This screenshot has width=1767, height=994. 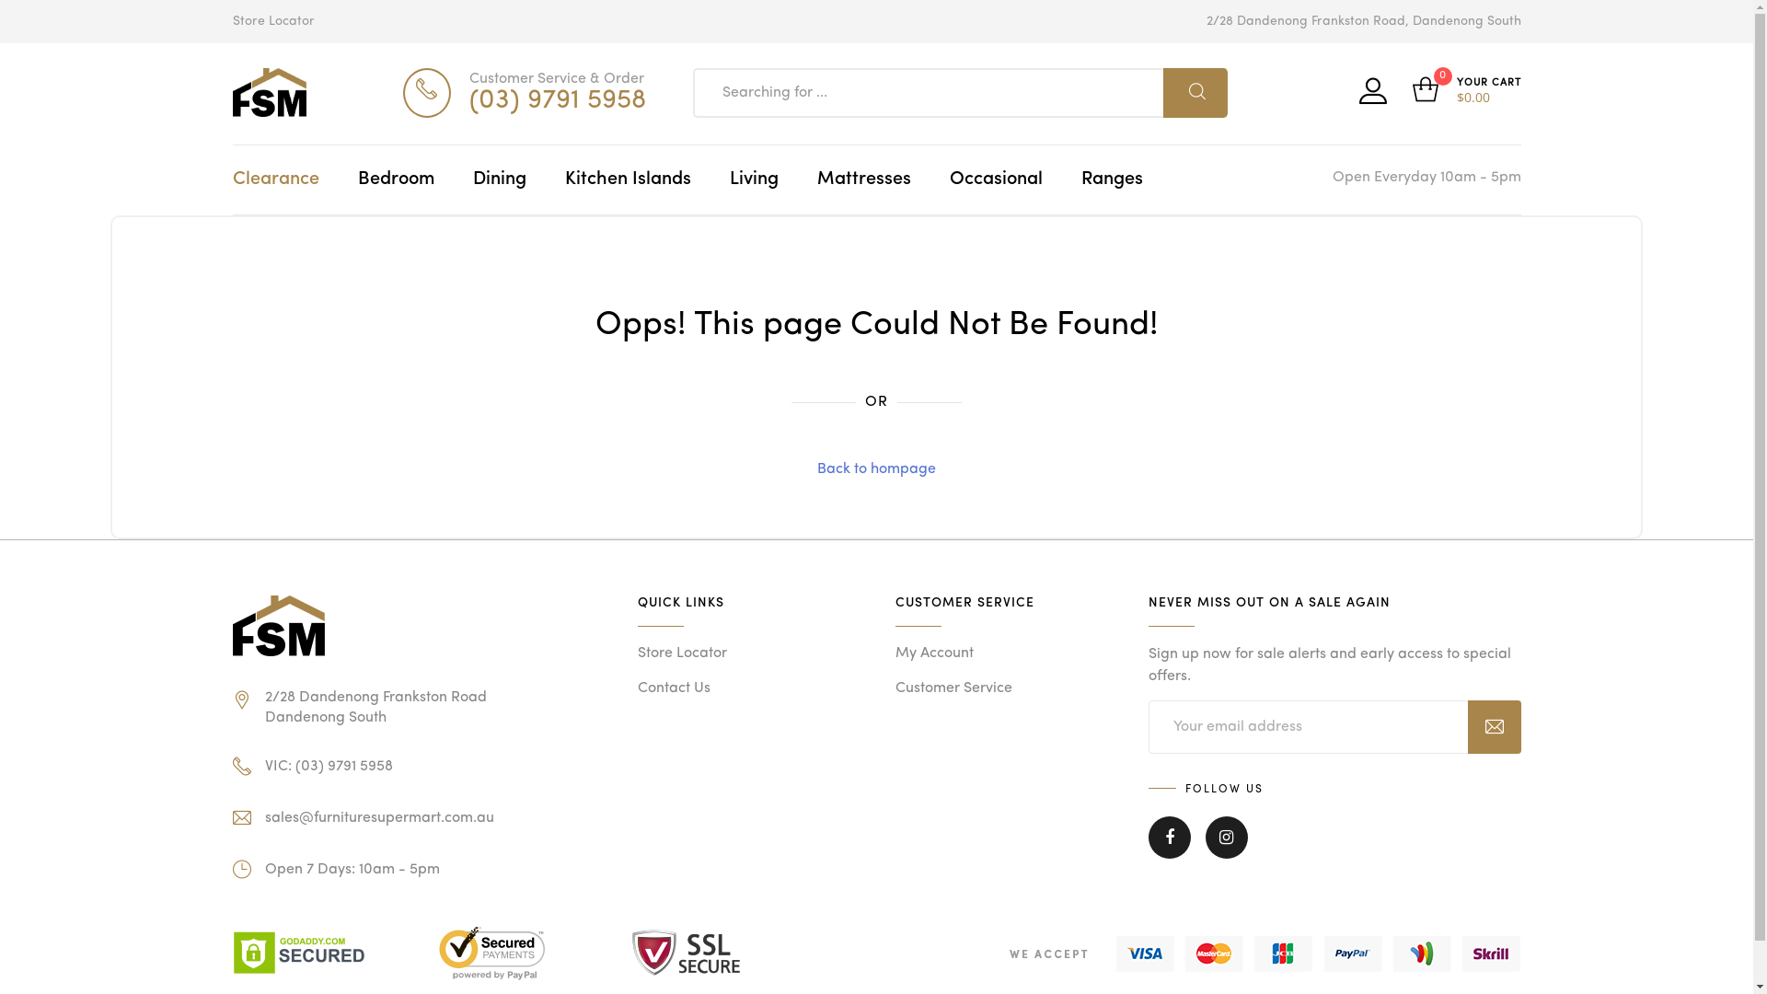 What do you see at coordinates (753, 179) in the screenshot?
I see `'Living'` at bounding box center [753, 179].